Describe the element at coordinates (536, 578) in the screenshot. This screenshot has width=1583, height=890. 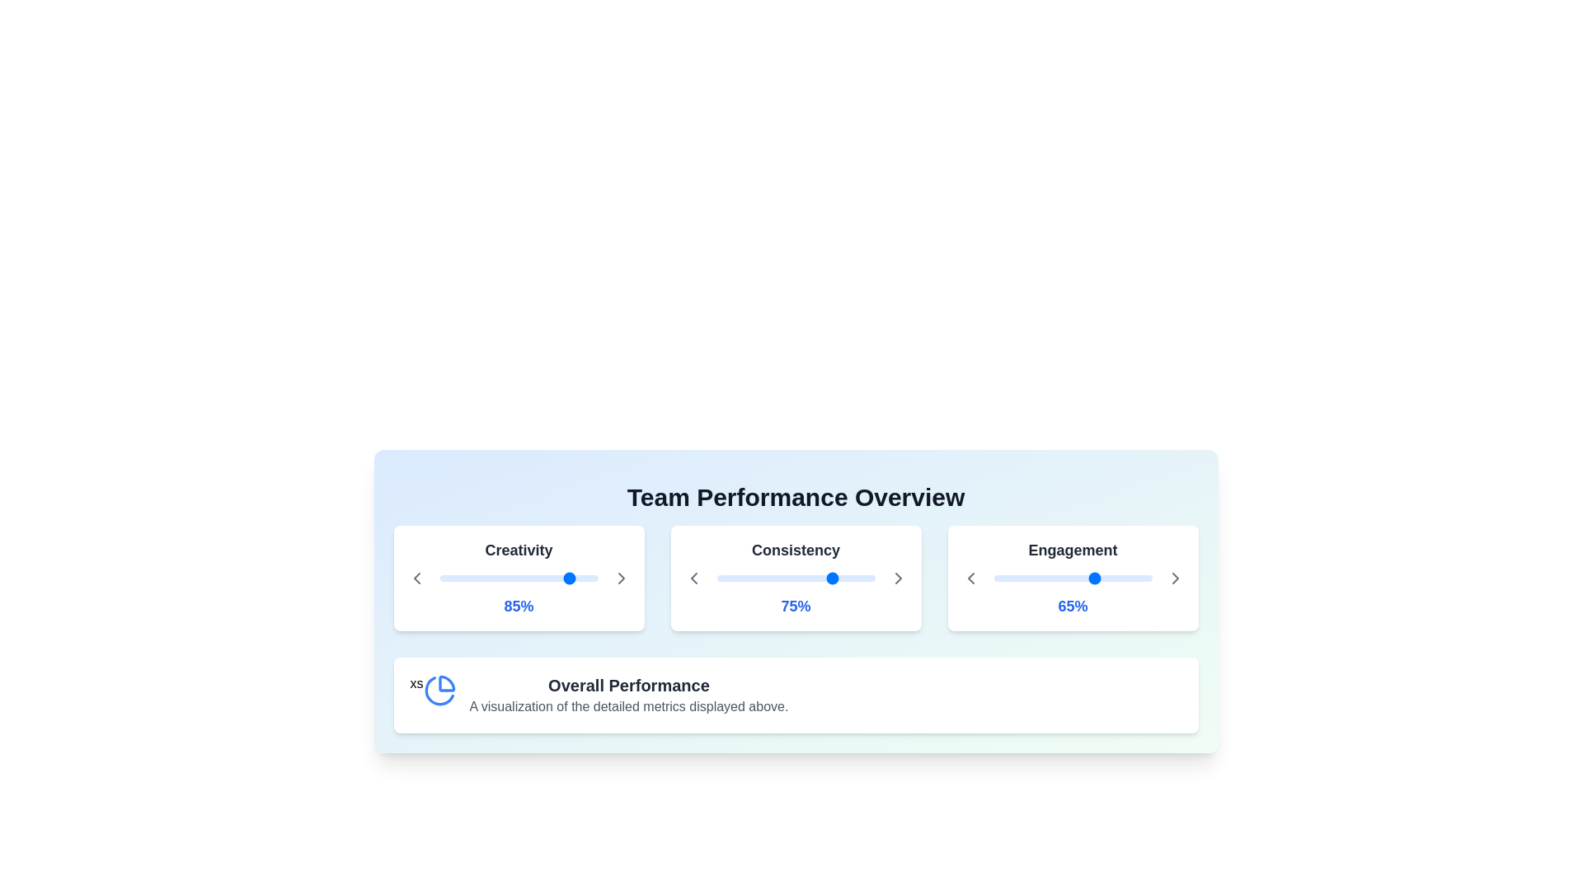
I see `the slider` at that location.